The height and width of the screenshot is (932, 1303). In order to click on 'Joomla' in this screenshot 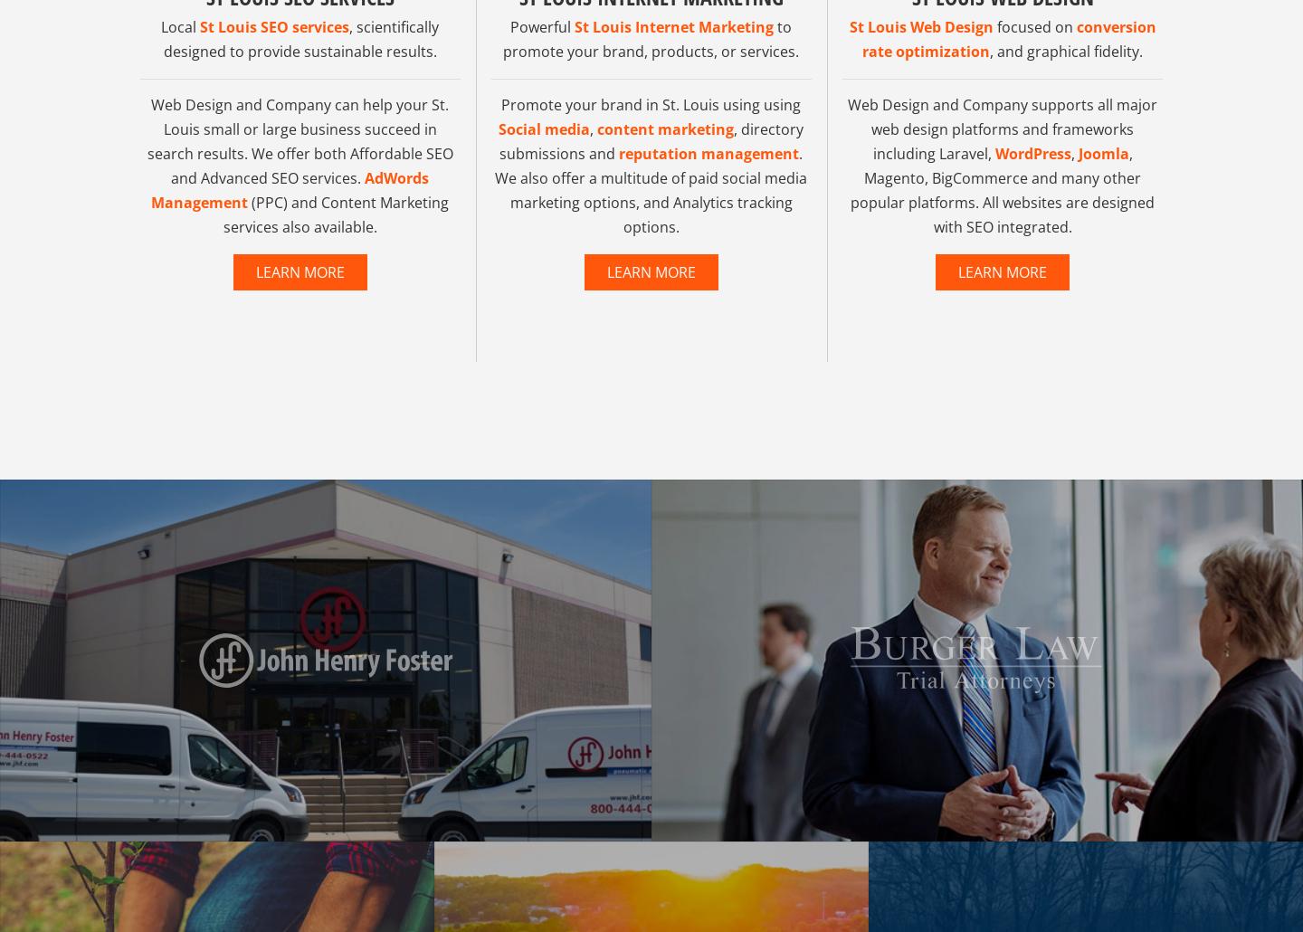, I will do `click(880, 236)`.